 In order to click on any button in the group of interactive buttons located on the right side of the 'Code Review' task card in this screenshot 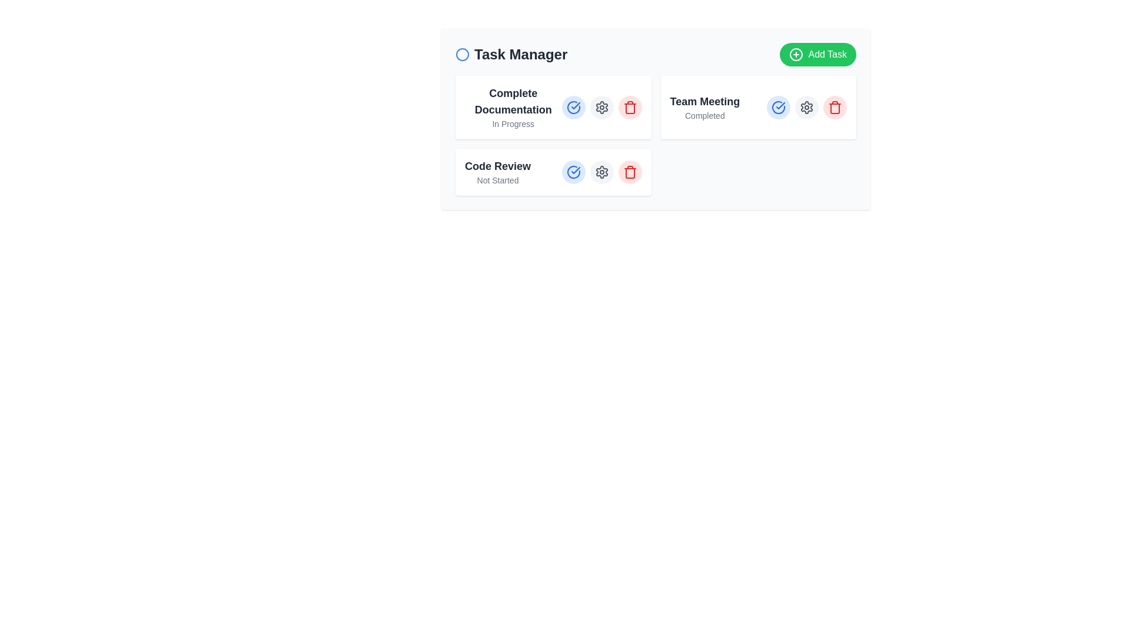, I will do `click(601, 172)`.